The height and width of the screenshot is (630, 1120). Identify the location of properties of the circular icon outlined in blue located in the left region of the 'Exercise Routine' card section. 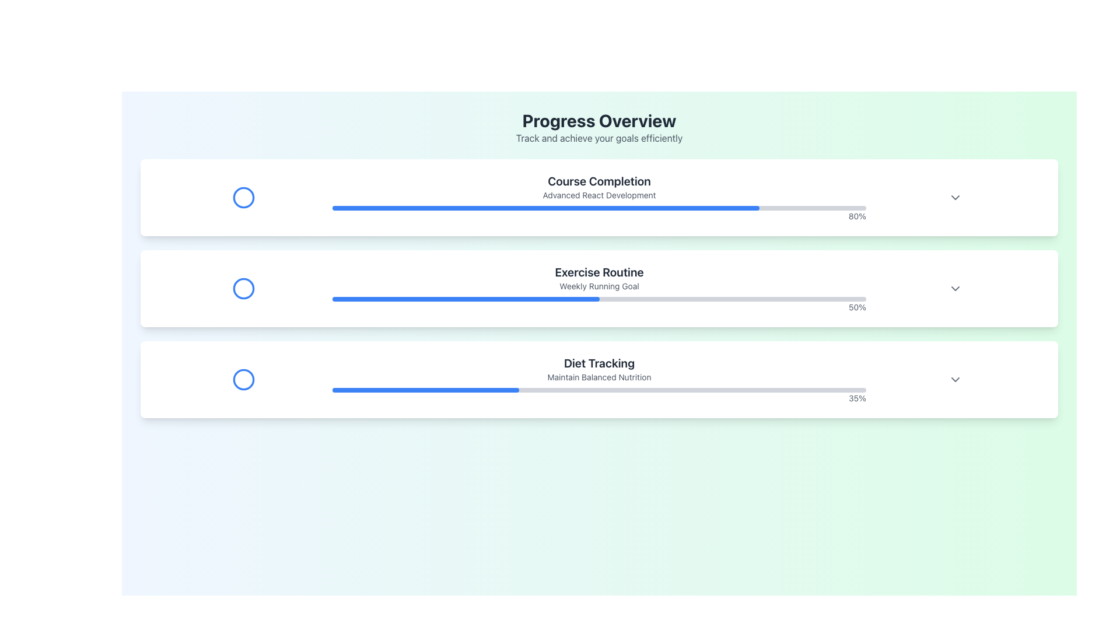
(243, 288).